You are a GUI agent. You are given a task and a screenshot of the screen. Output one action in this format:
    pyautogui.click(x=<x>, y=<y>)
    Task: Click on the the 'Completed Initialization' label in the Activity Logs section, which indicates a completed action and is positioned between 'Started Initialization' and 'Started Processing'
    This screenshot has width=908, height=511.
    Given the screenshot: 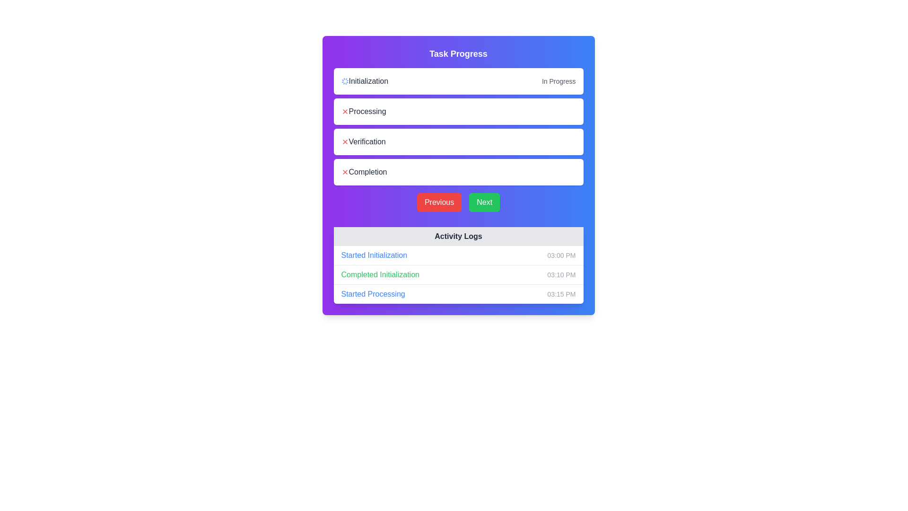 What is the action you would take?
    pyautogui.click(x=380, y=275)
    